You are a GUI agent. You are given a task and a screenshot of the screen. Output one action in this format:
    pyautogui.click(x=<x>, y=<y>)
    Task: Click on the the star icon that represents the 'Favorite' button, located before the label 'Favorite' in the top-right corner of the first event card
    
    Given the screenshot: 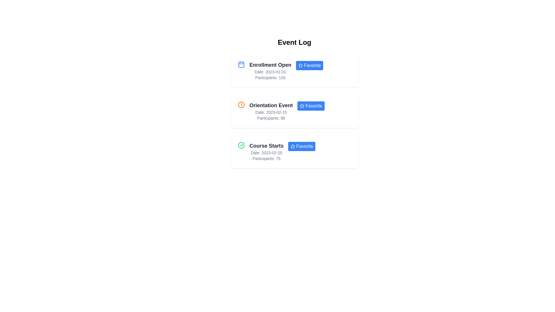 What is the action you would take?
    pyautogui.click(x=301, y=65)
    